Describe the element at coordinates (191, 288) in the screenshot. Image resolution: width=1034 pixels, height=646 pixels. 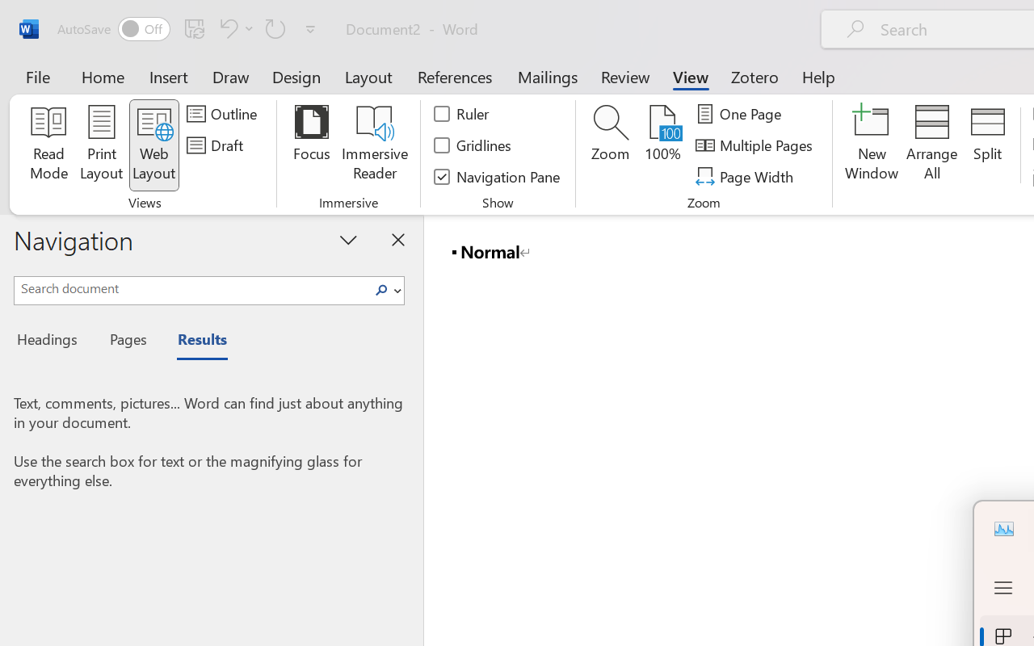
I see `'Search document'` at that location.